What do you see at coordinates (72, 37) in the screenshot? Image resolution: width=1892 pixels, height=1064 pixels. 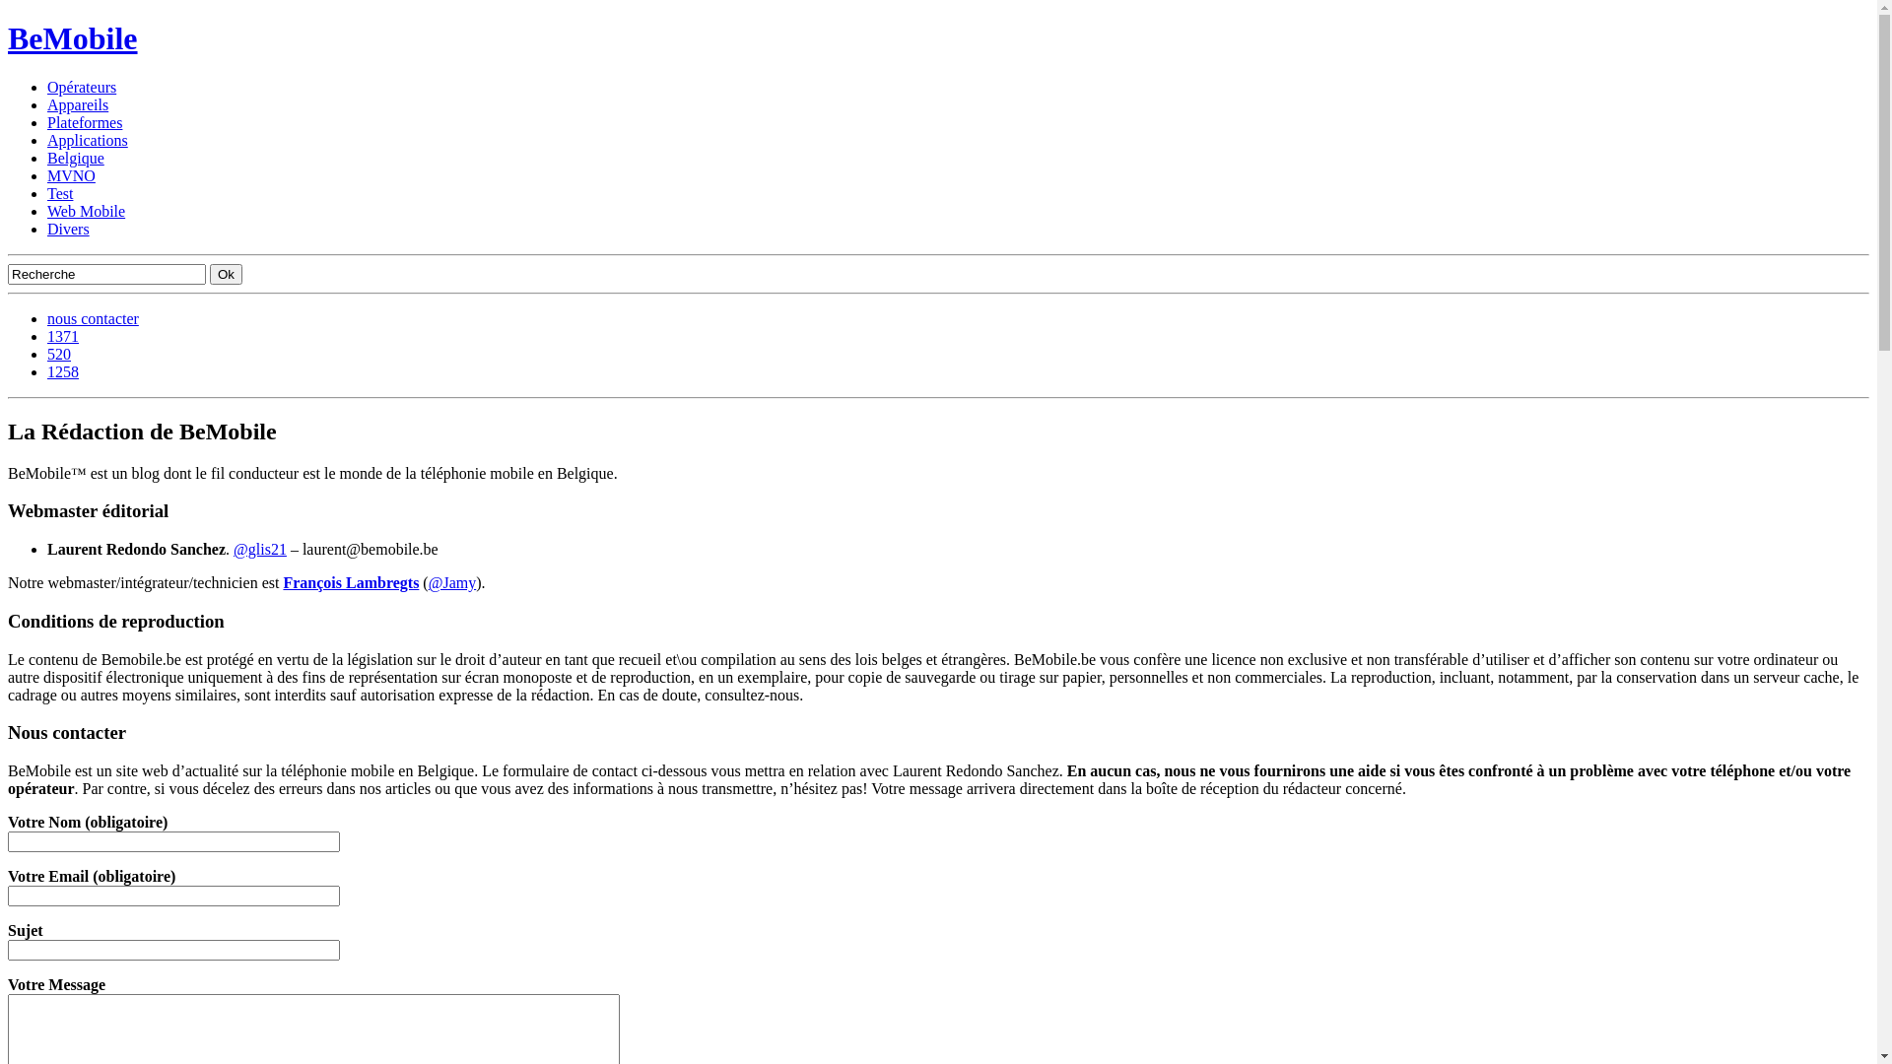 I see `'BeMobile'` at bounding box center [72, 37].